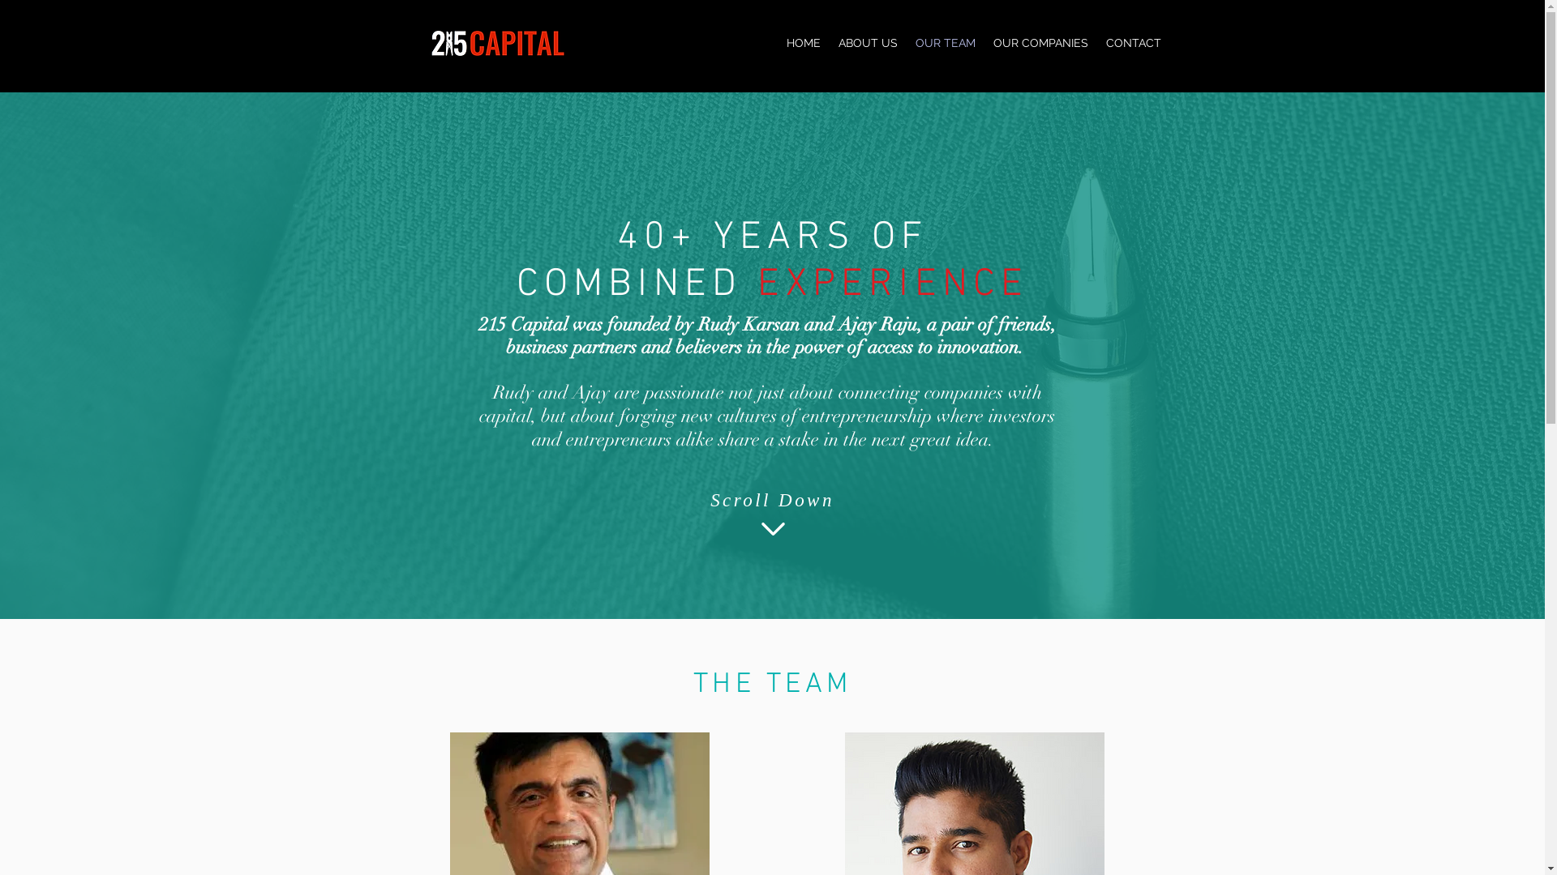 The image size is (1557, 875). What do you see at coordinates (989, 62) in the screenshot?
I see `'215'` at bounding box center [989, 62].